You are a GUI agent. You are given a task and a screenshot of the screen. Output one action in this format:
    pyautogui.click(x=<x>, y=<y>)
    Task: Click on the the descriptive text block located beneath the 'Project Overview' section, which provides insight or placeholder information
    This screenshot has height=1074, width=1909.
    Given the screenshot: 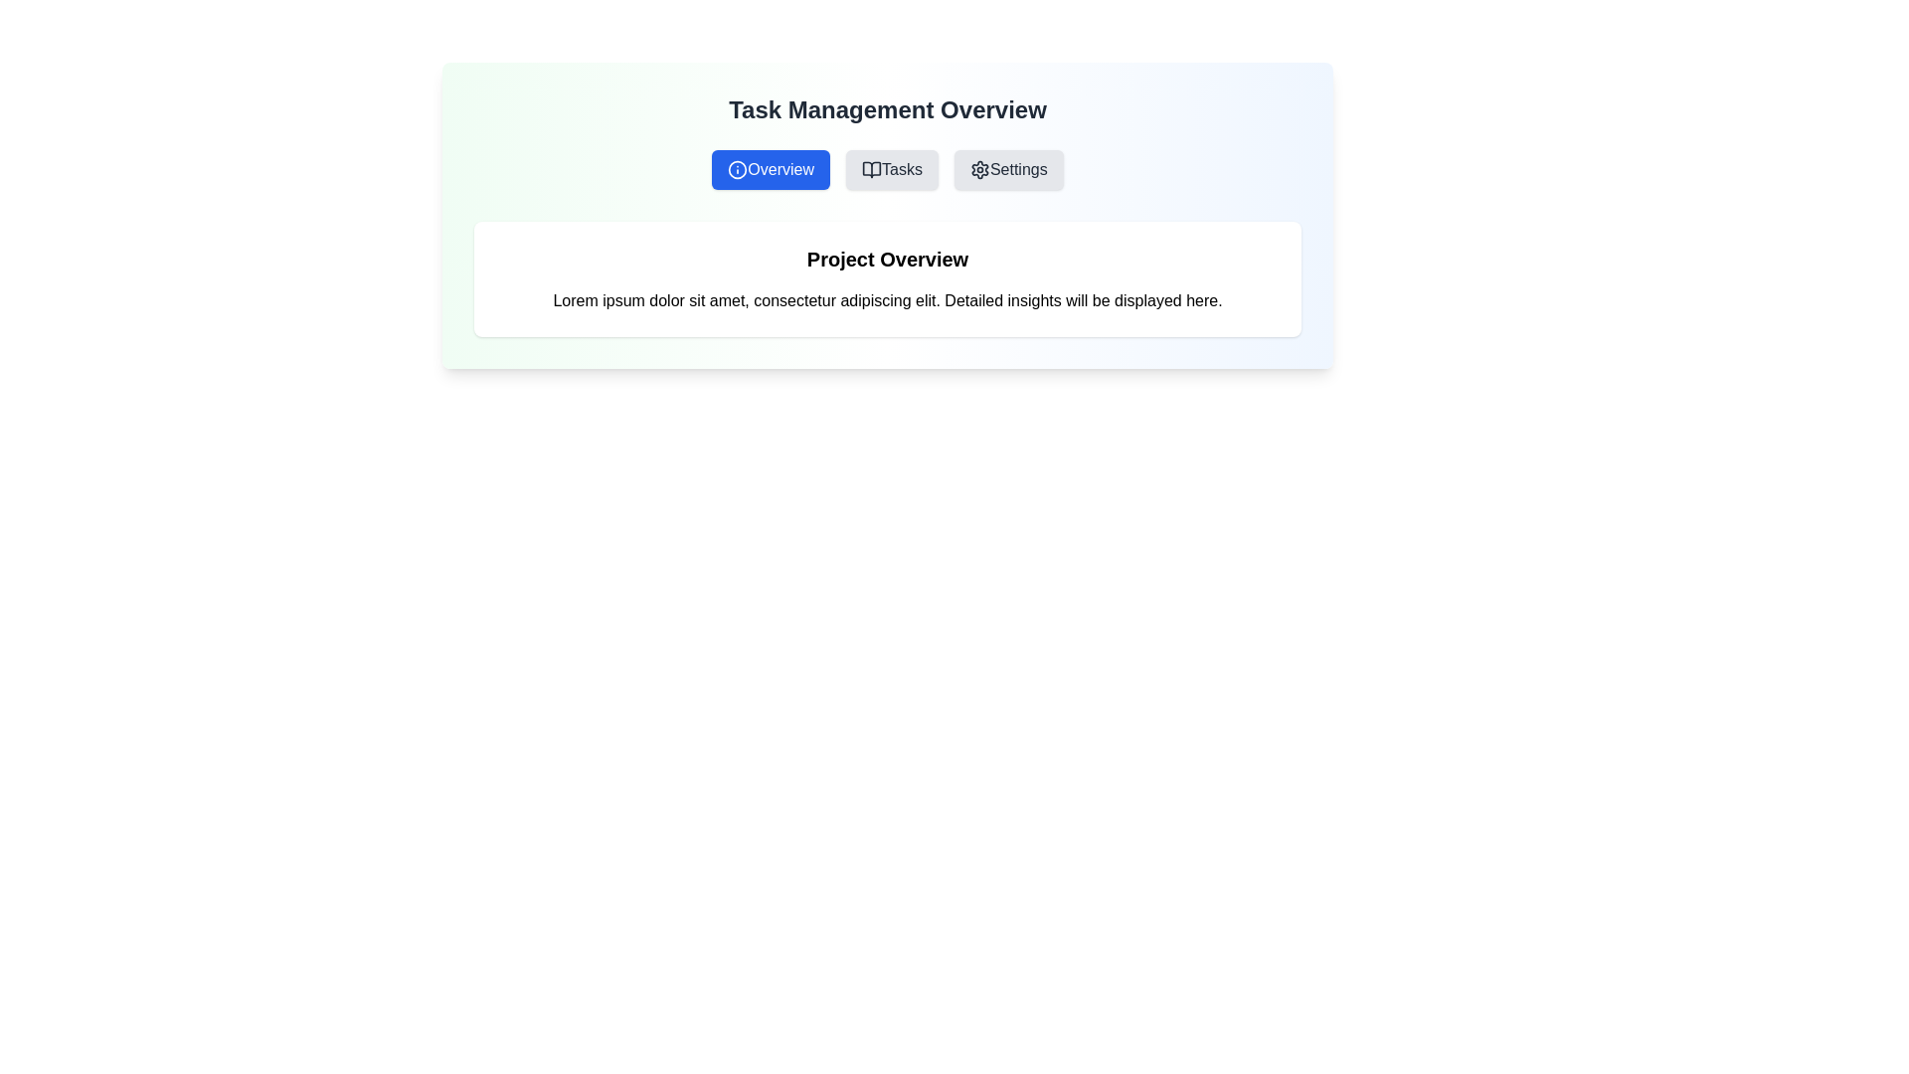 What is the action you would take?
    pyautogui.click(x=886, y=301)
    